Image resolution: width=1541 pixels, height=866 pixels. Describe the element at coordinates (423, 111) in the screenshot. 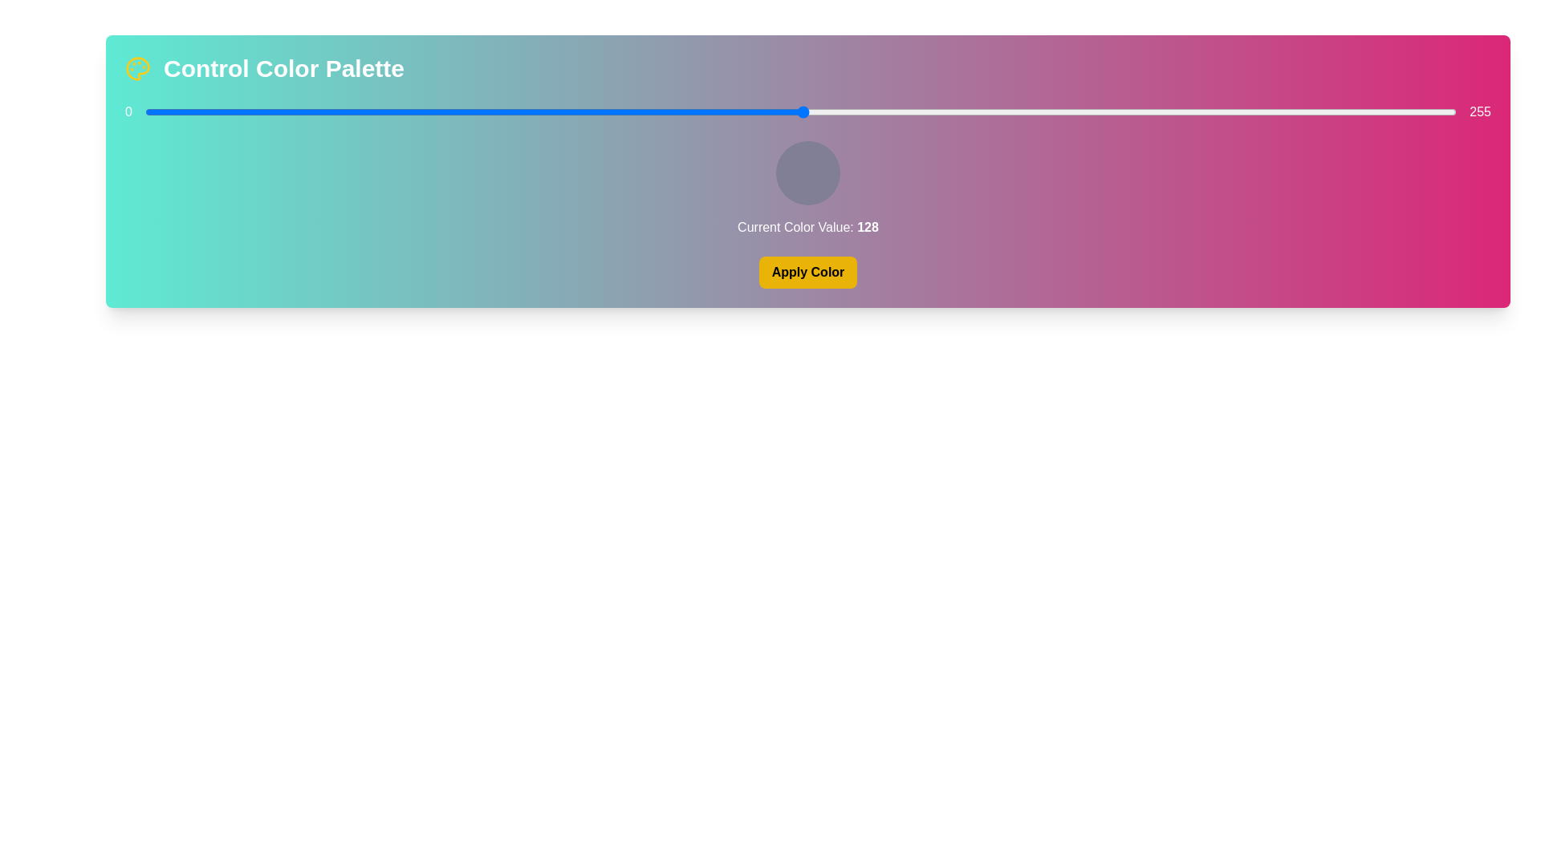

I see `the color slider to set the color value to 54` at that location.